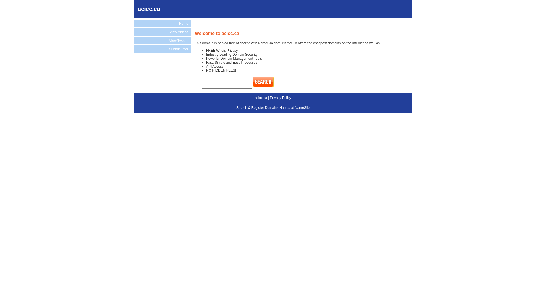 This screenshot has width=546, height=307. I want to click on 'View Tweets', so click(162, 40).